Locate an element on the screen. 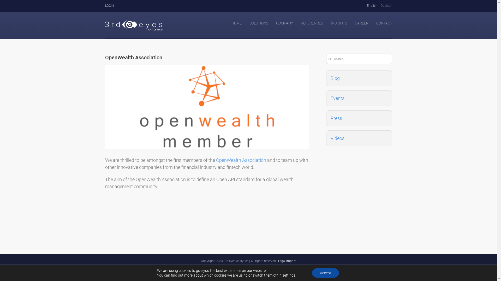  'HOME' is located at coordinates (231, 22).